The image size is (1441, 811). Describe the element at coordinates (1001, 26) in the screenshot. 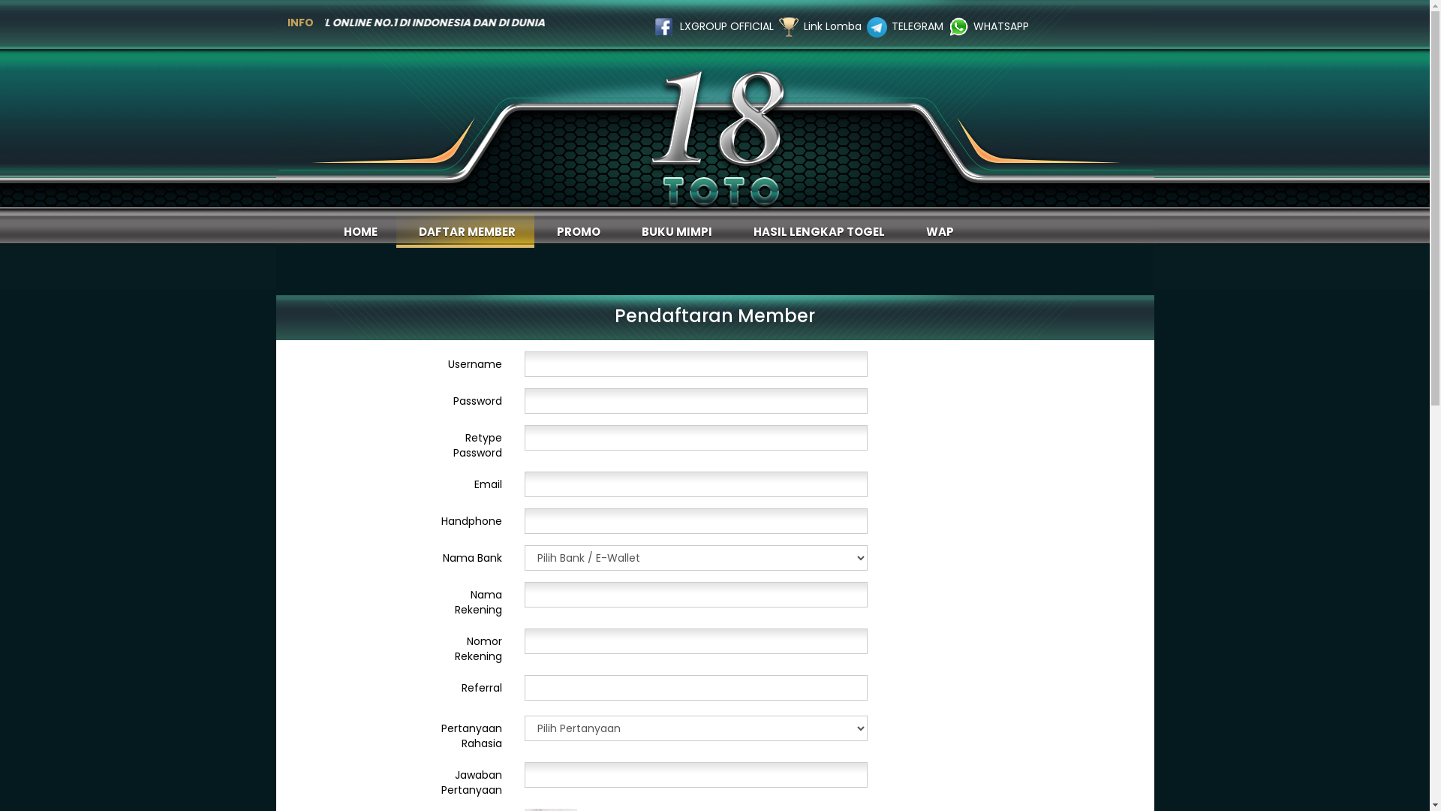

I see `'WHATSAPP'` at that location.